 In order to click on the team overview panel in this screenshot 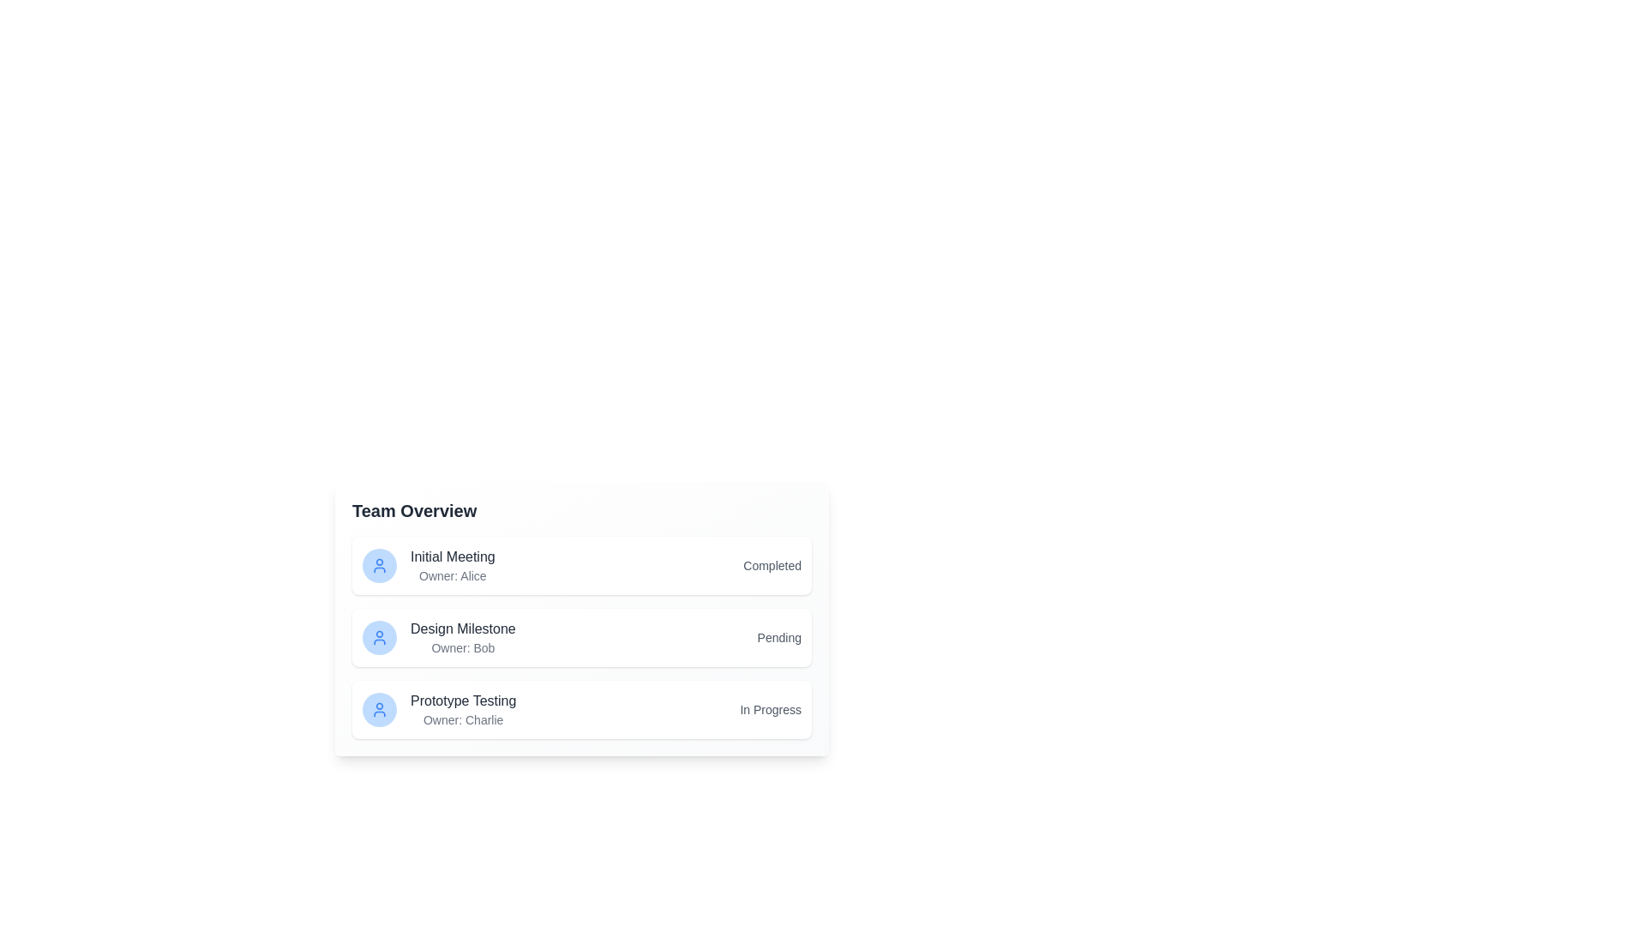, I will do `click(581, 618)`.